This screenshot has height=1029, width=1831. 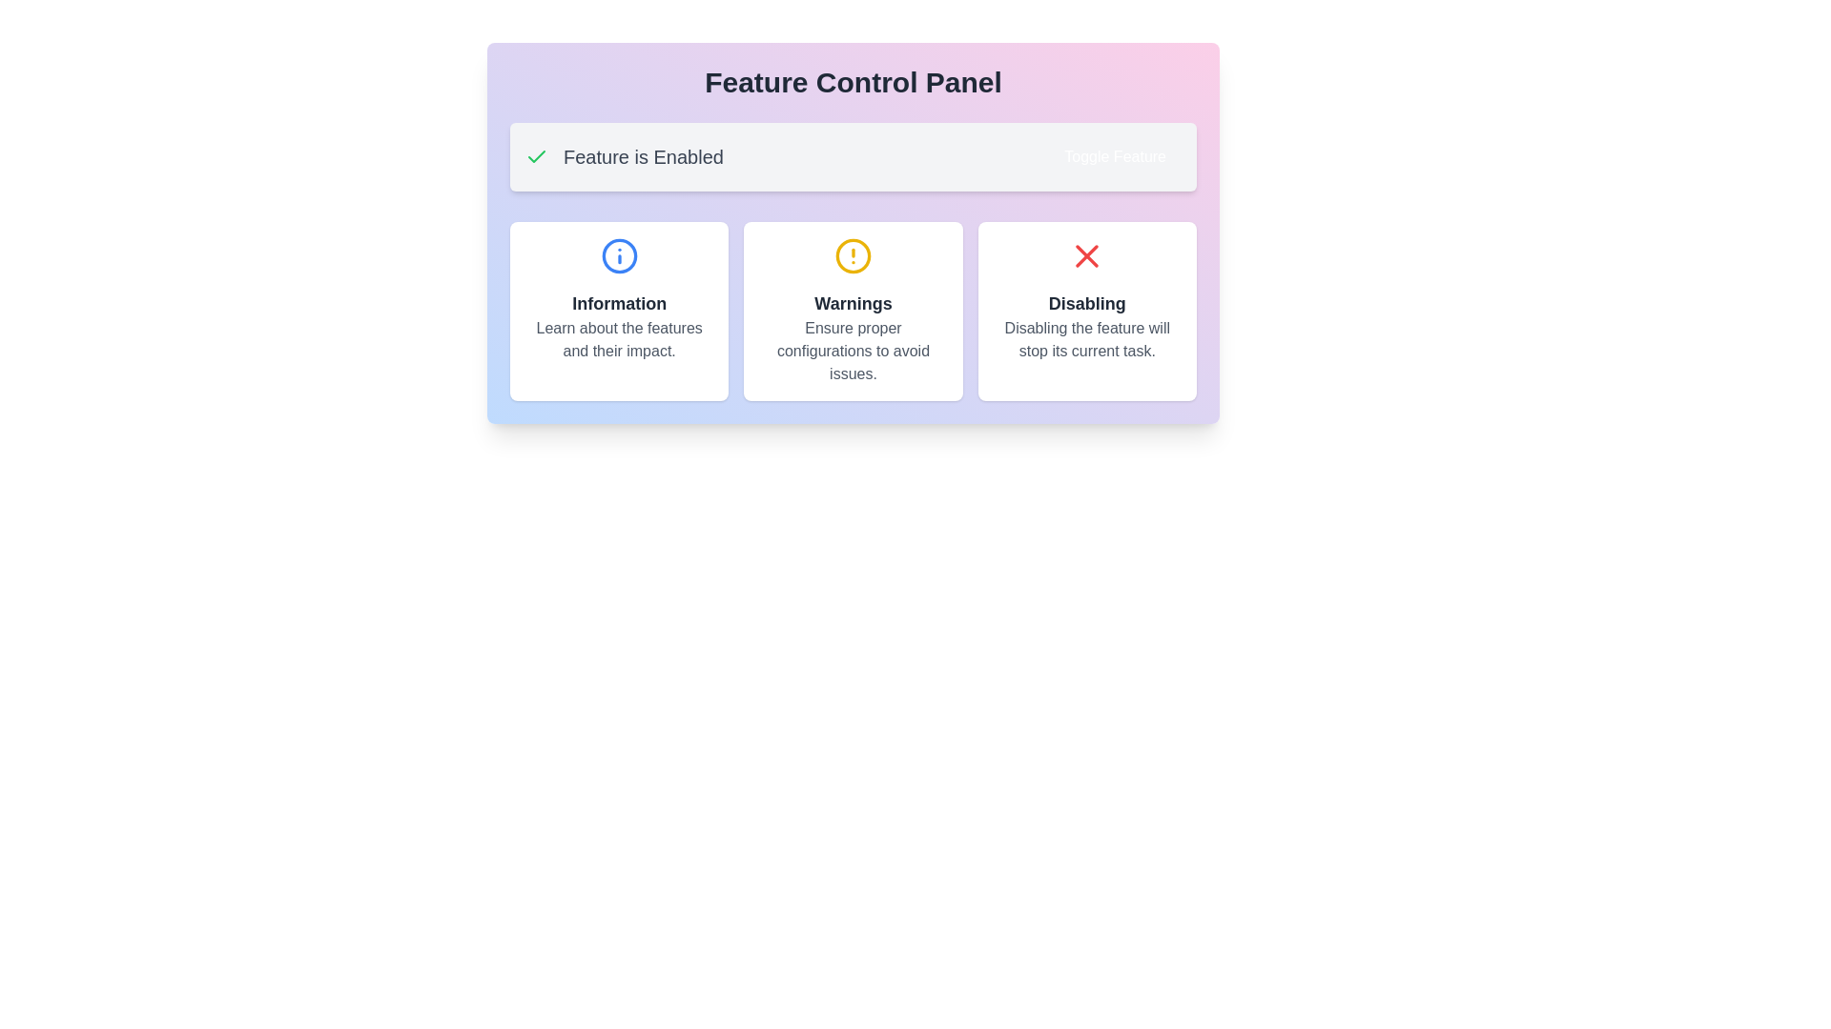 I want to click on the text label 'Disabling' which is styled in bold and large font, located in the rightmost card of three cards under the 'Feature Control Panel' header, so click(x=1087, y=303).